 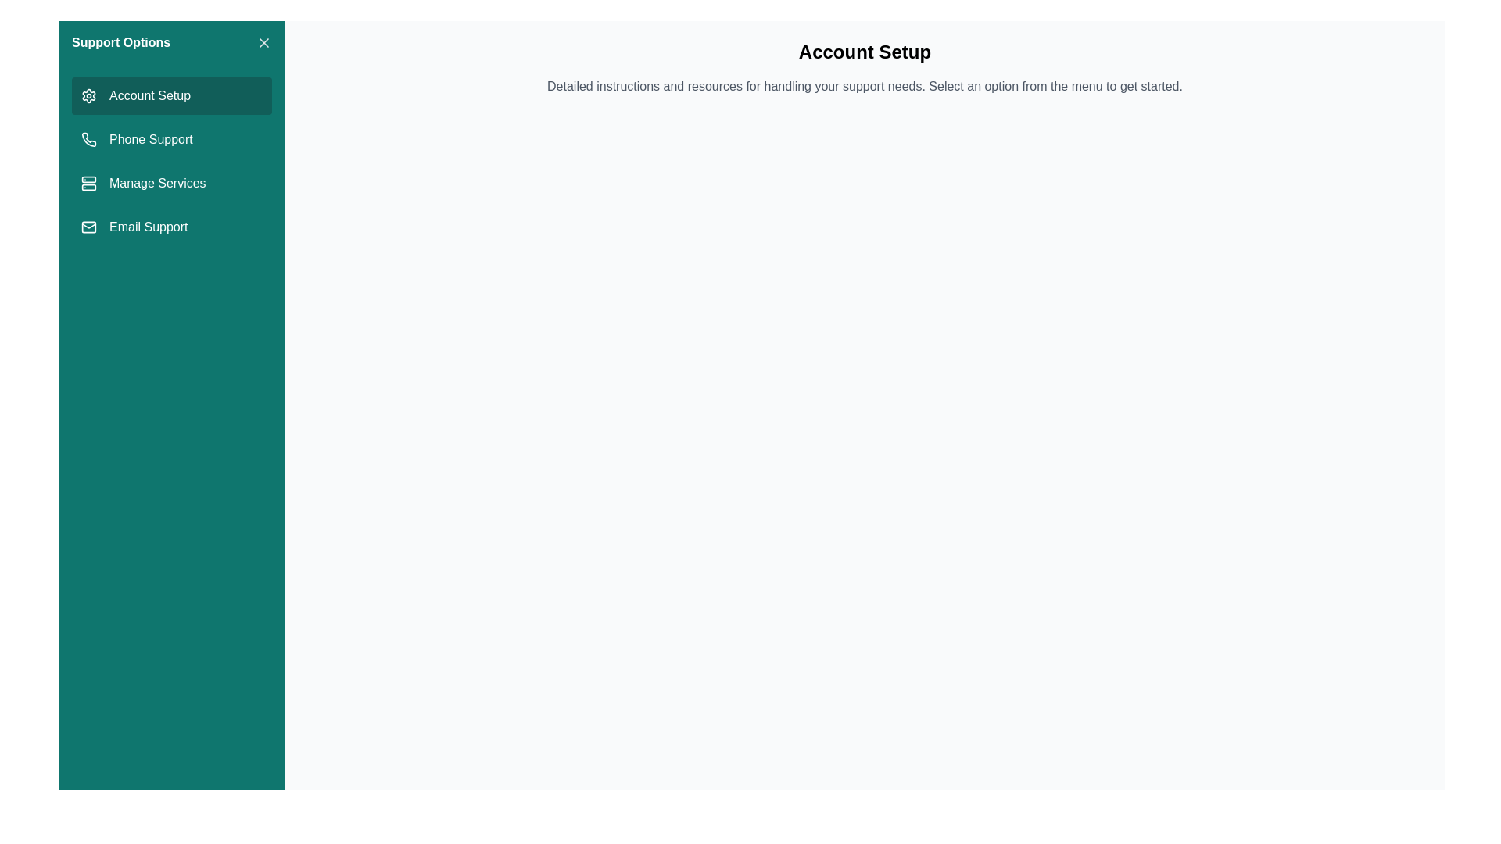 I want to click on the gear icon for settings located next to 'Account Setup' in the left-side navigation menu, so click(x=88, y=96).